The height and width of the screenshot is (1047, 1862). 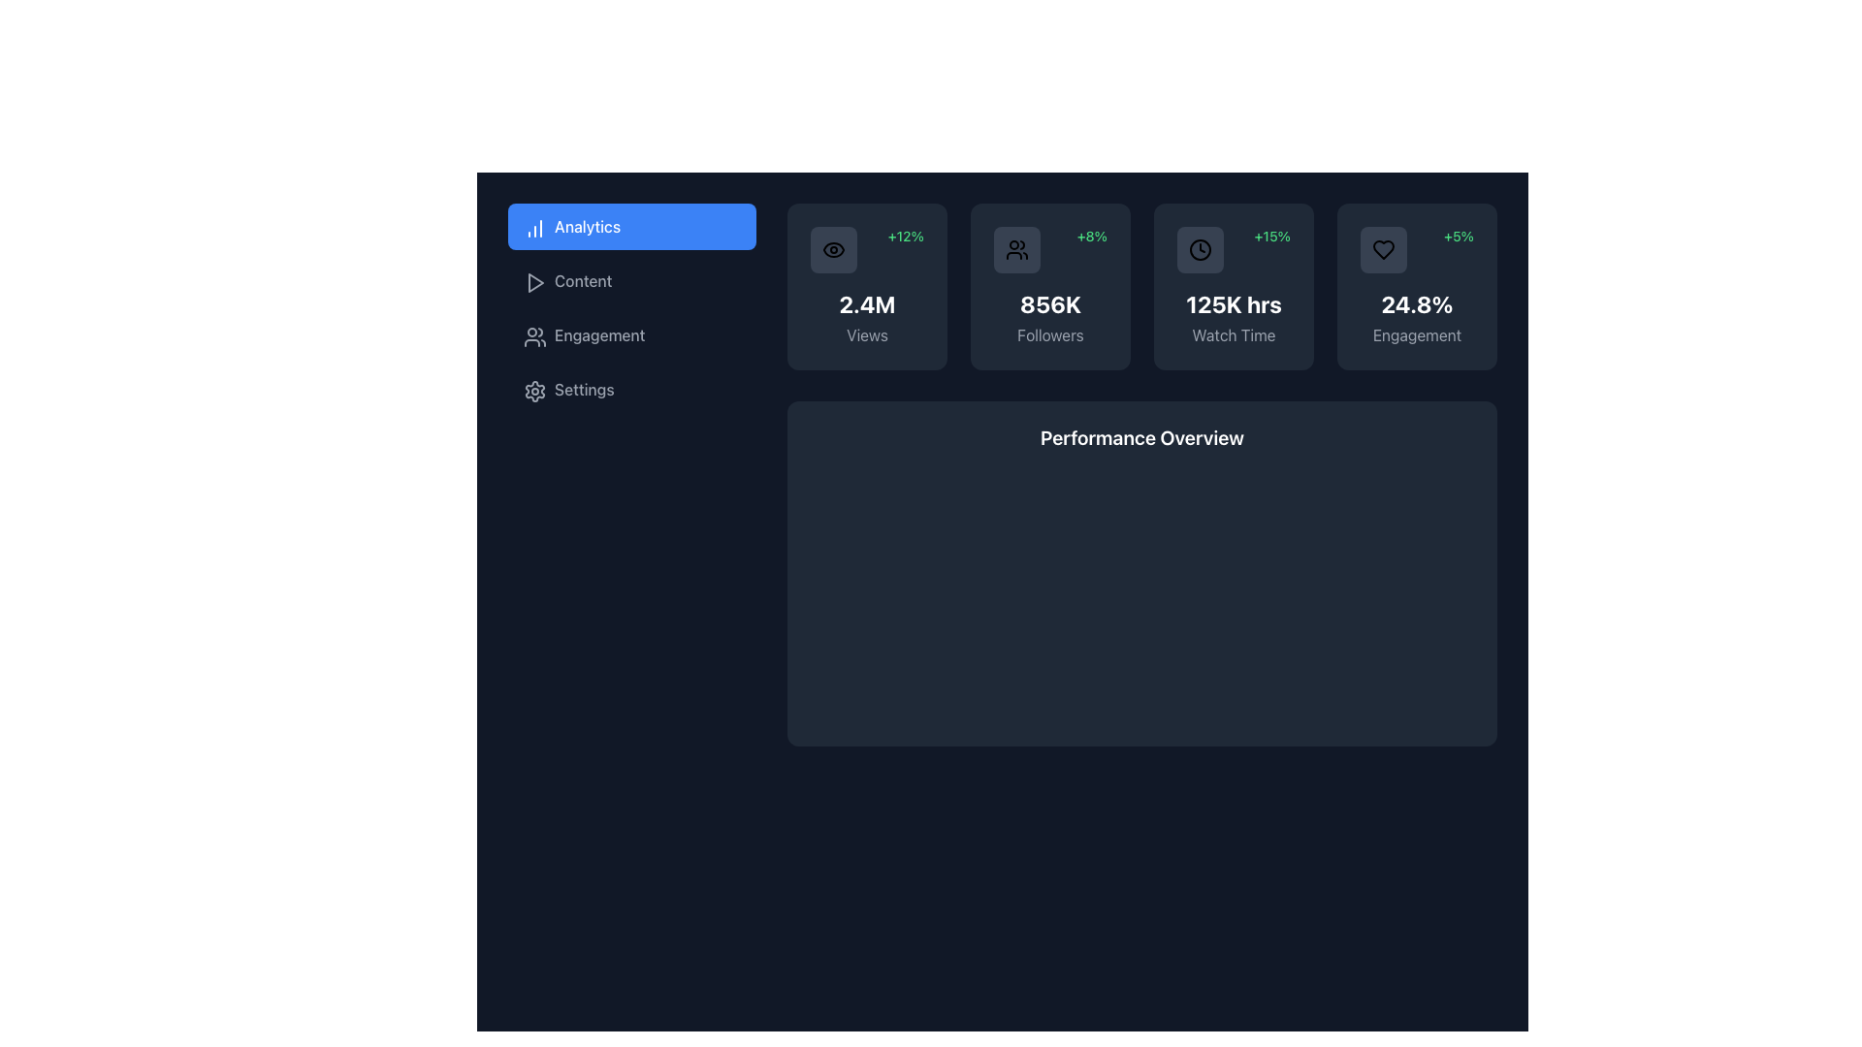 What do you see at coordinates (535, 227) in the screenshot?
I see `the bar chart icon located in the navigation panel next to the 'Analytics' label` at bounding box center [535, 227].